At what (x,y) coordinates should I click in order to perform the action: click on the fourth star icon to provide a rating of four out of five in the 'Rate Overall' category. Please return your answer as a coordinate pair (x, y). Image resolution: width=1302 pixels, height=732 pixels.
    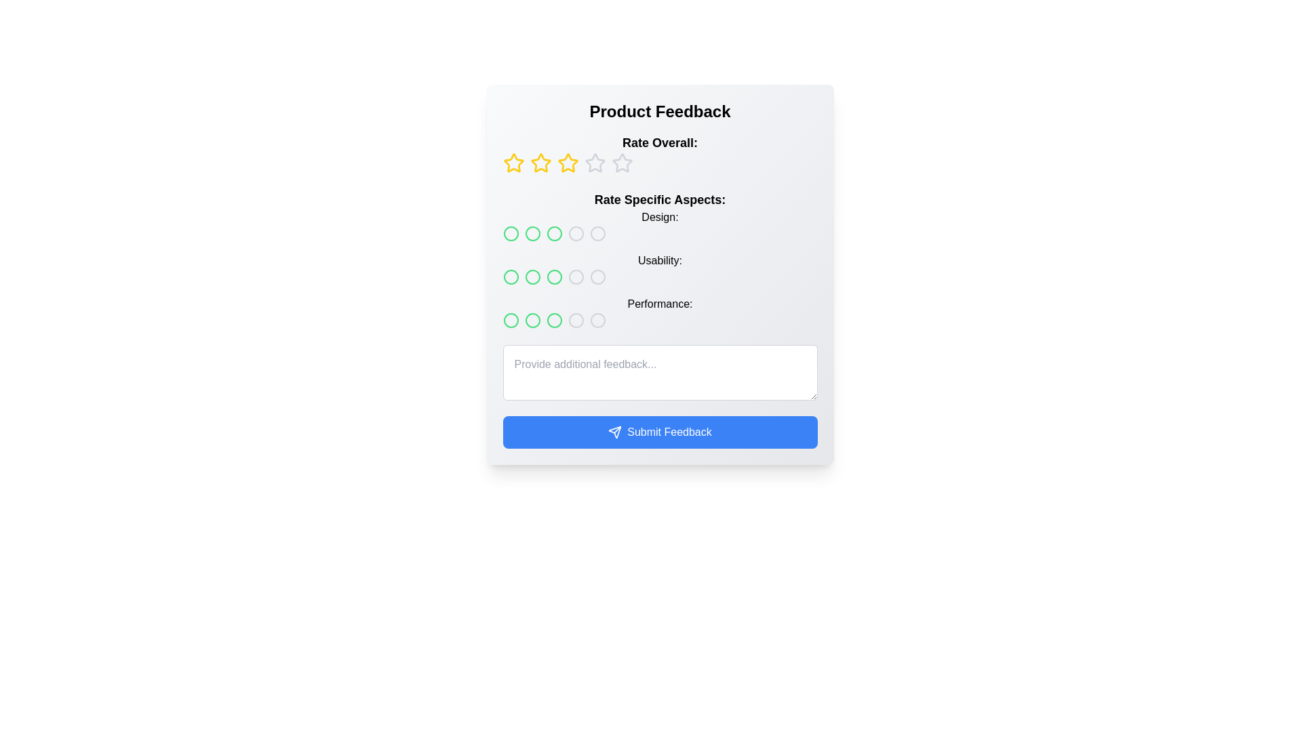
    Looking at the image, I should click on (595, 161).